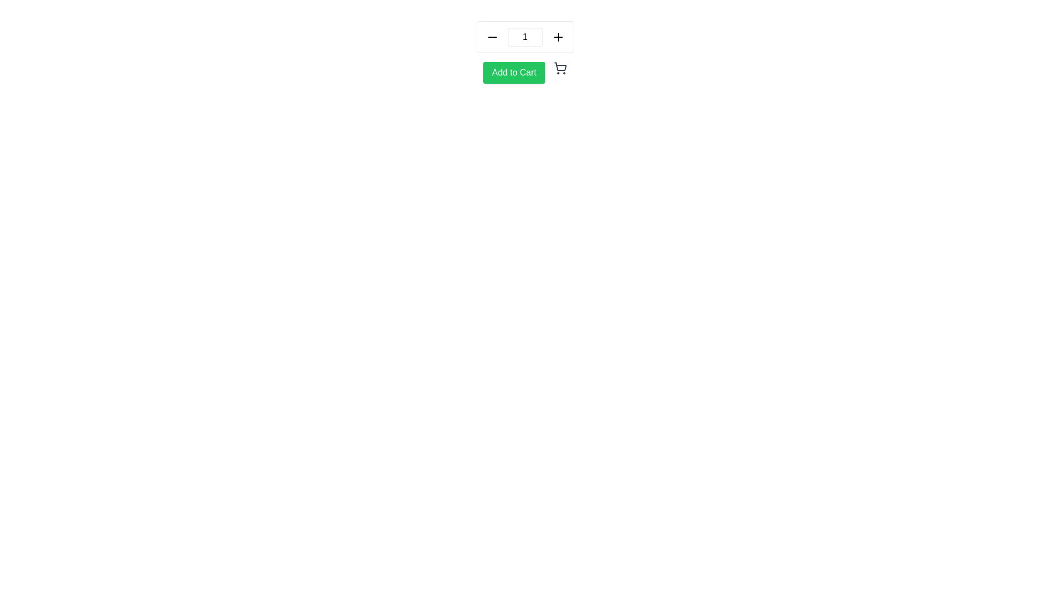 The width and height of the screenshot is (1052, 591). What do you see at coordinates (560, 68) in the screenshot?
I see `the shopping cart icon, which is a minimalistic gray outline style icon with two circular wheels and an open basket, located adjacent to the 'Add to Cart' button` at bounding box center [560, 68].